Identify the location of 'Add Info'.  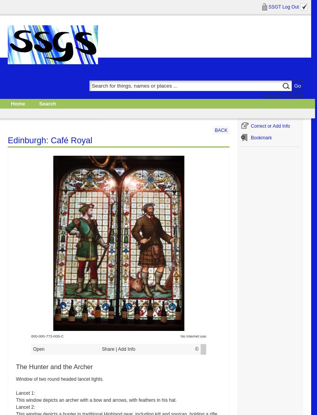
(126, 349).